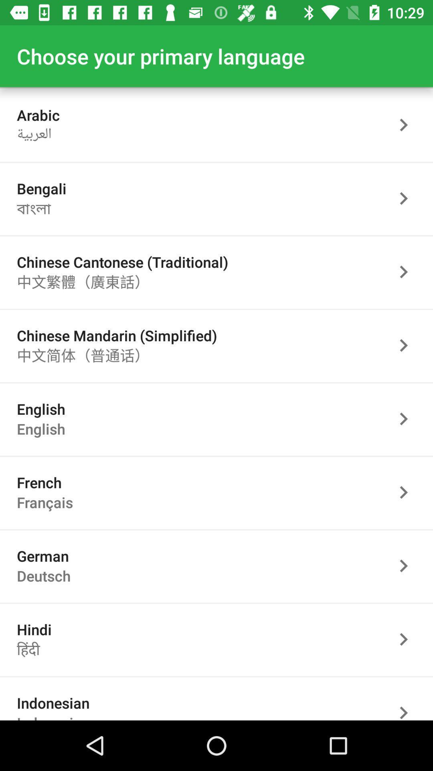 The image size is (433, 771). I want to click on previous, so click(408, 492).